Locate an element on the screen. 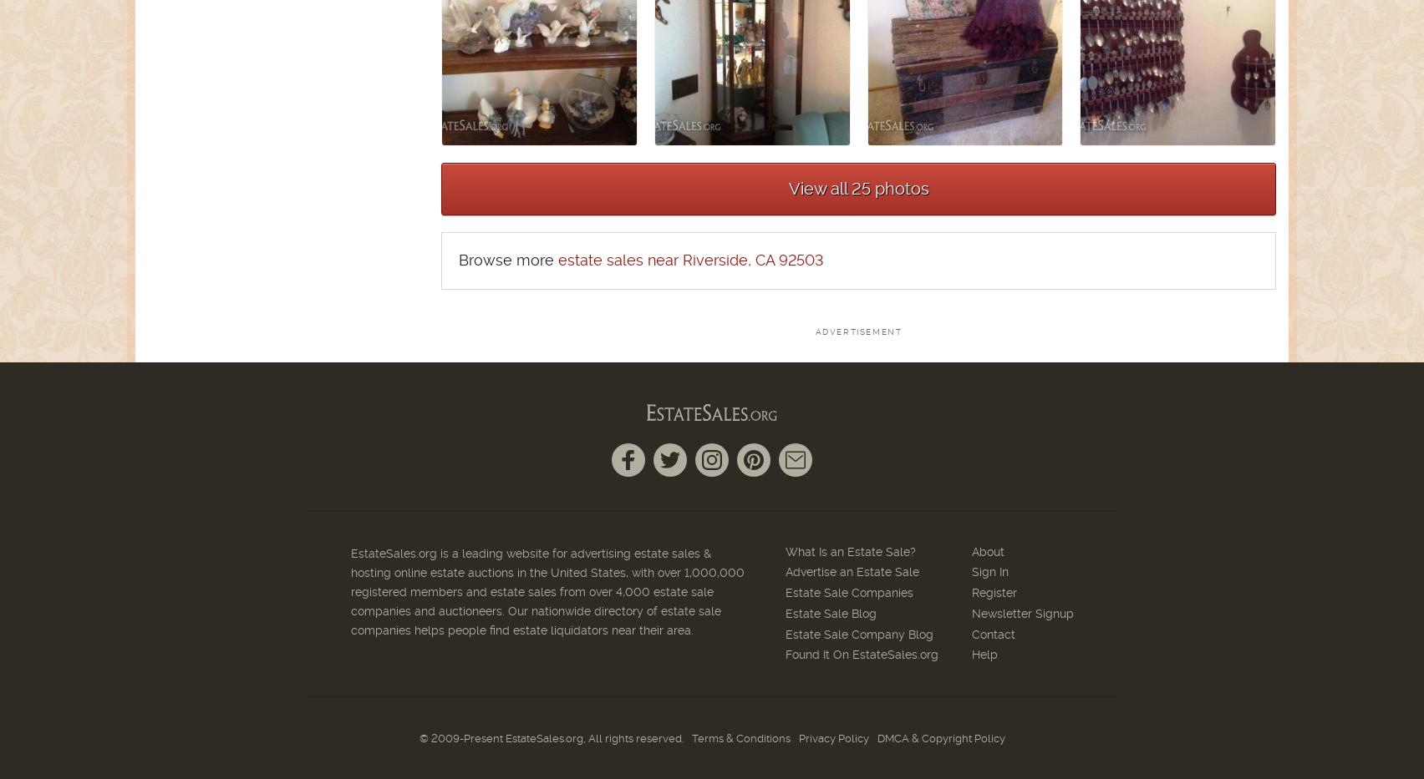 The height and width of the screenshot is (779, 1424). '·         30 small appliances (new)' is located at coordinates (257, 684).